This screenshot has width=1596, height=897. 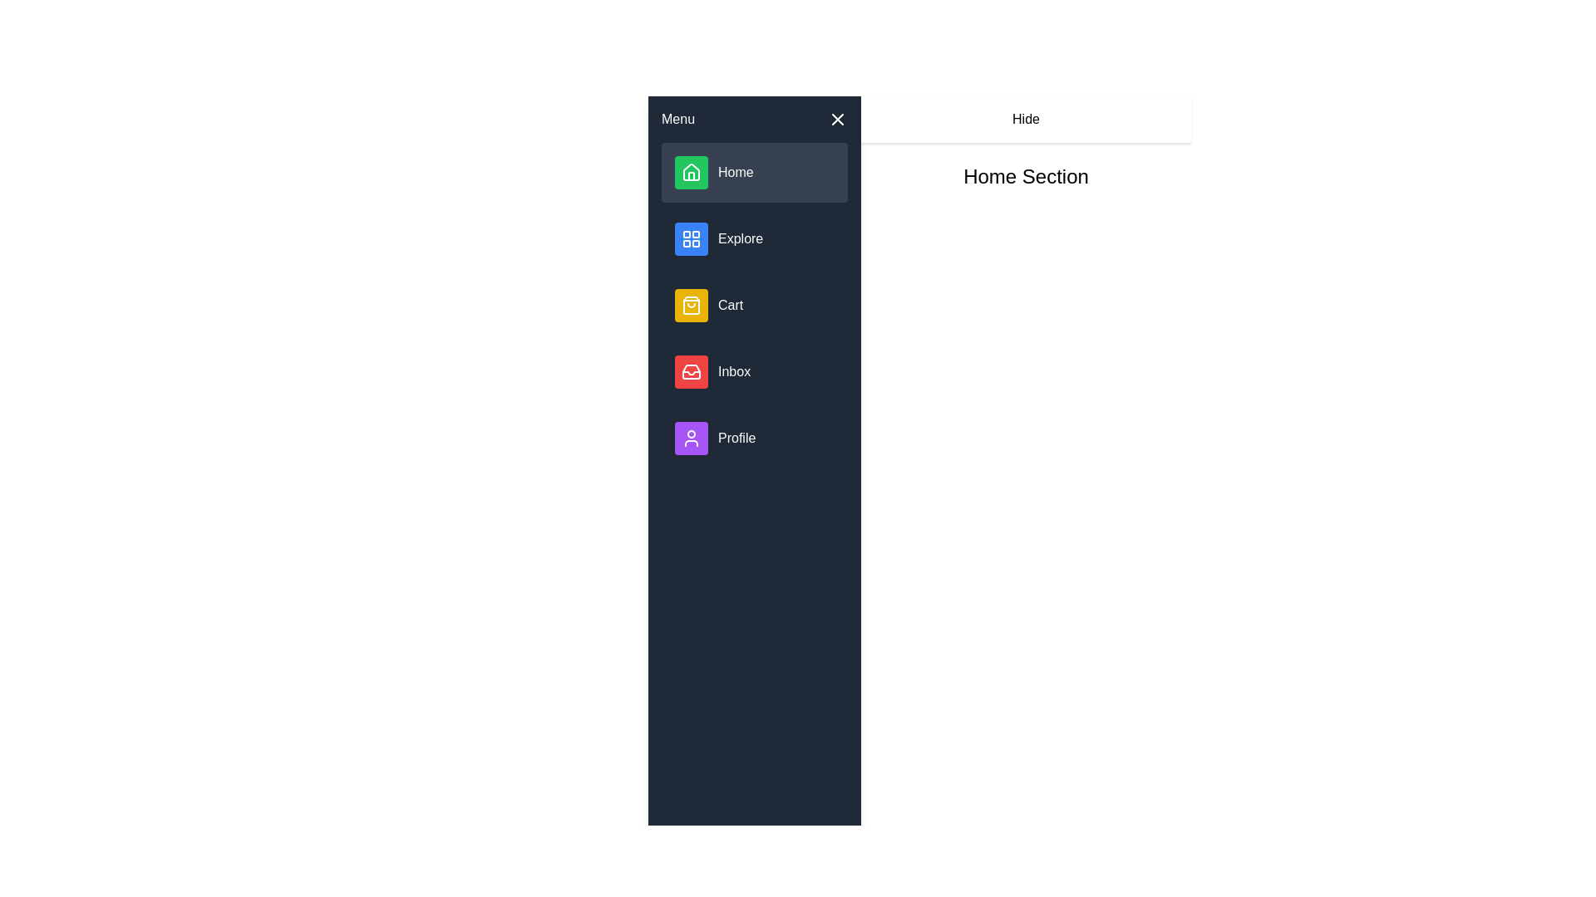 I want to click on text 'Inbox' from the text label located in the sidebar menu, which is styled in a standard typeface and positioned immediately to the right of a red-styled inbox icon, so click(x=733, y=370).